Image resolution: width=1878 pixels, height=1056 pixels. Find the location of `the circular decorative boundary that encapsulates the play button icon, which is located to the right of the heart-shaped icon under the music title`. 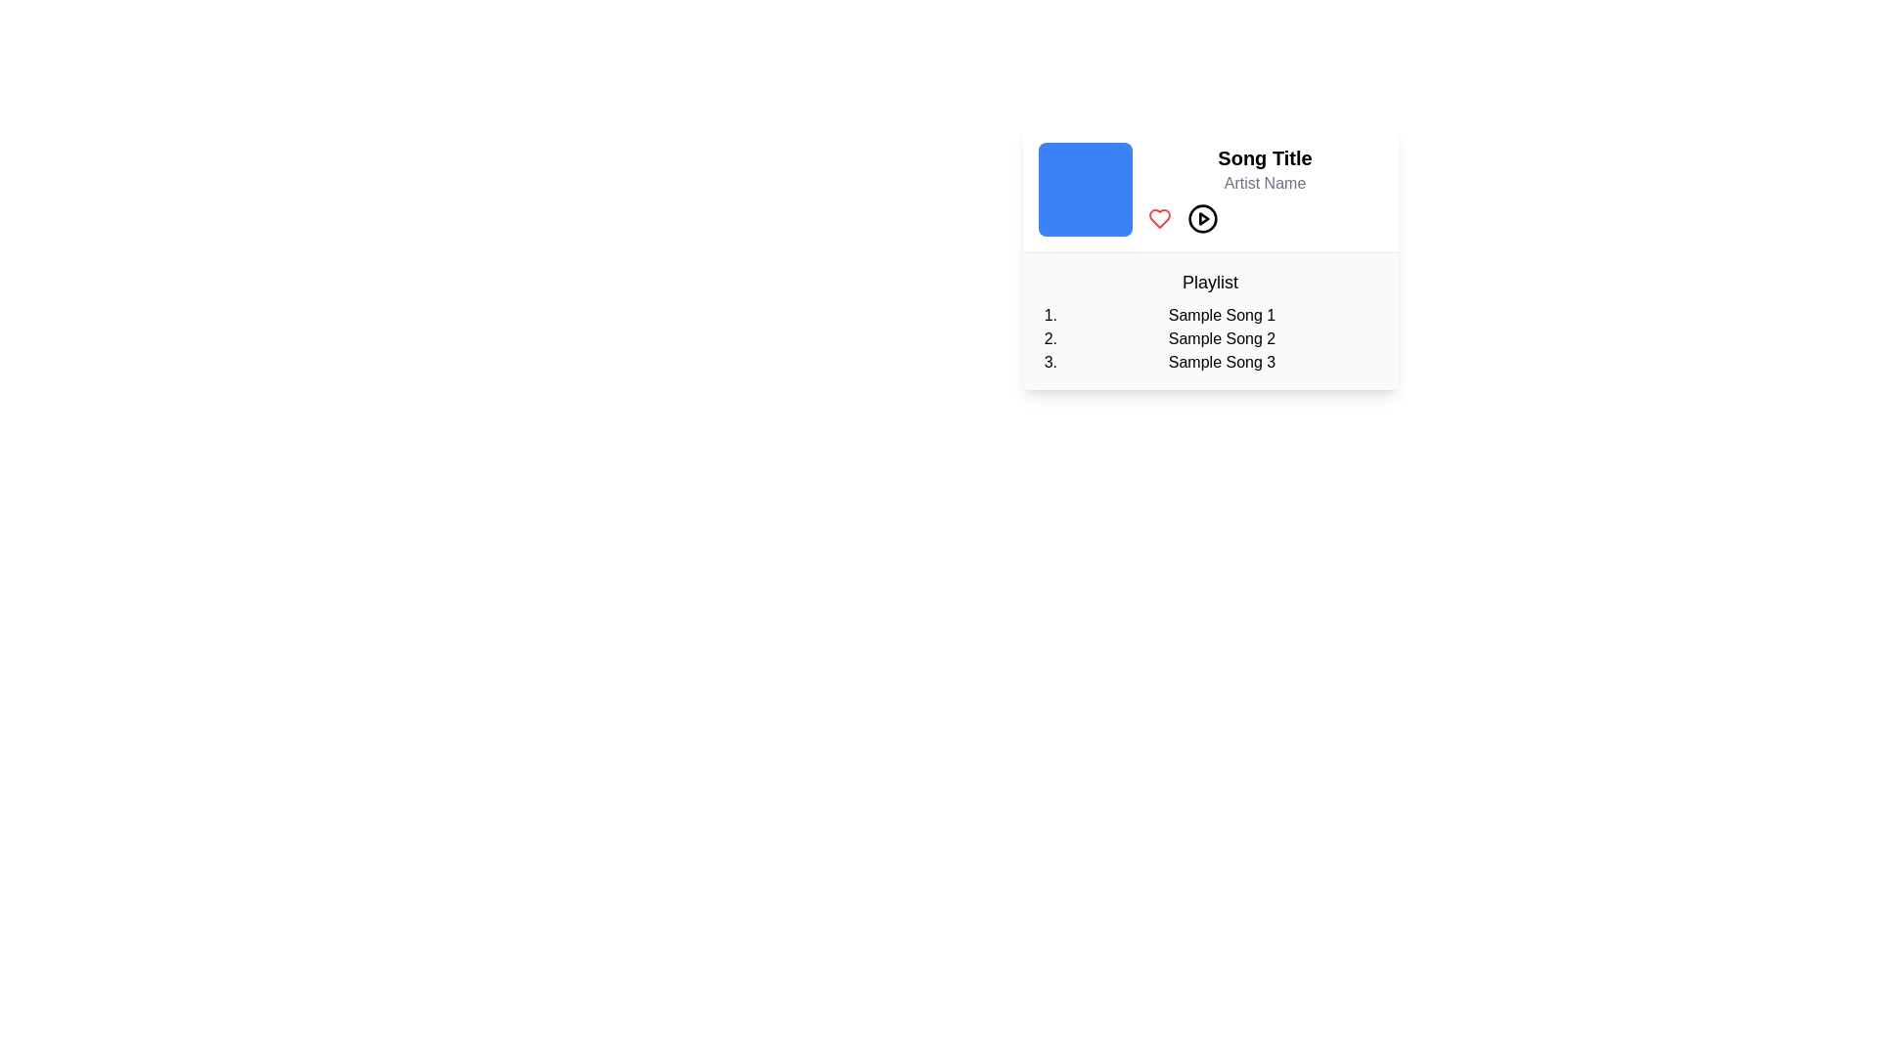

the circular decorative boundary that encapsulates the play button icon, which is located to the right of the heart-shaped icon under the music title is located at coordinates (1201, 218).